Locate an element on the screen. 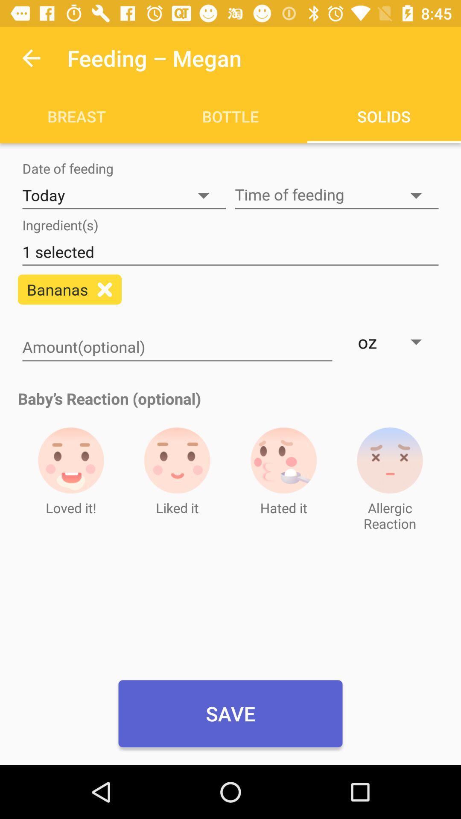 The image size is (461, 819). icon to the right of the bananas item is located at coordinates (104, 289).